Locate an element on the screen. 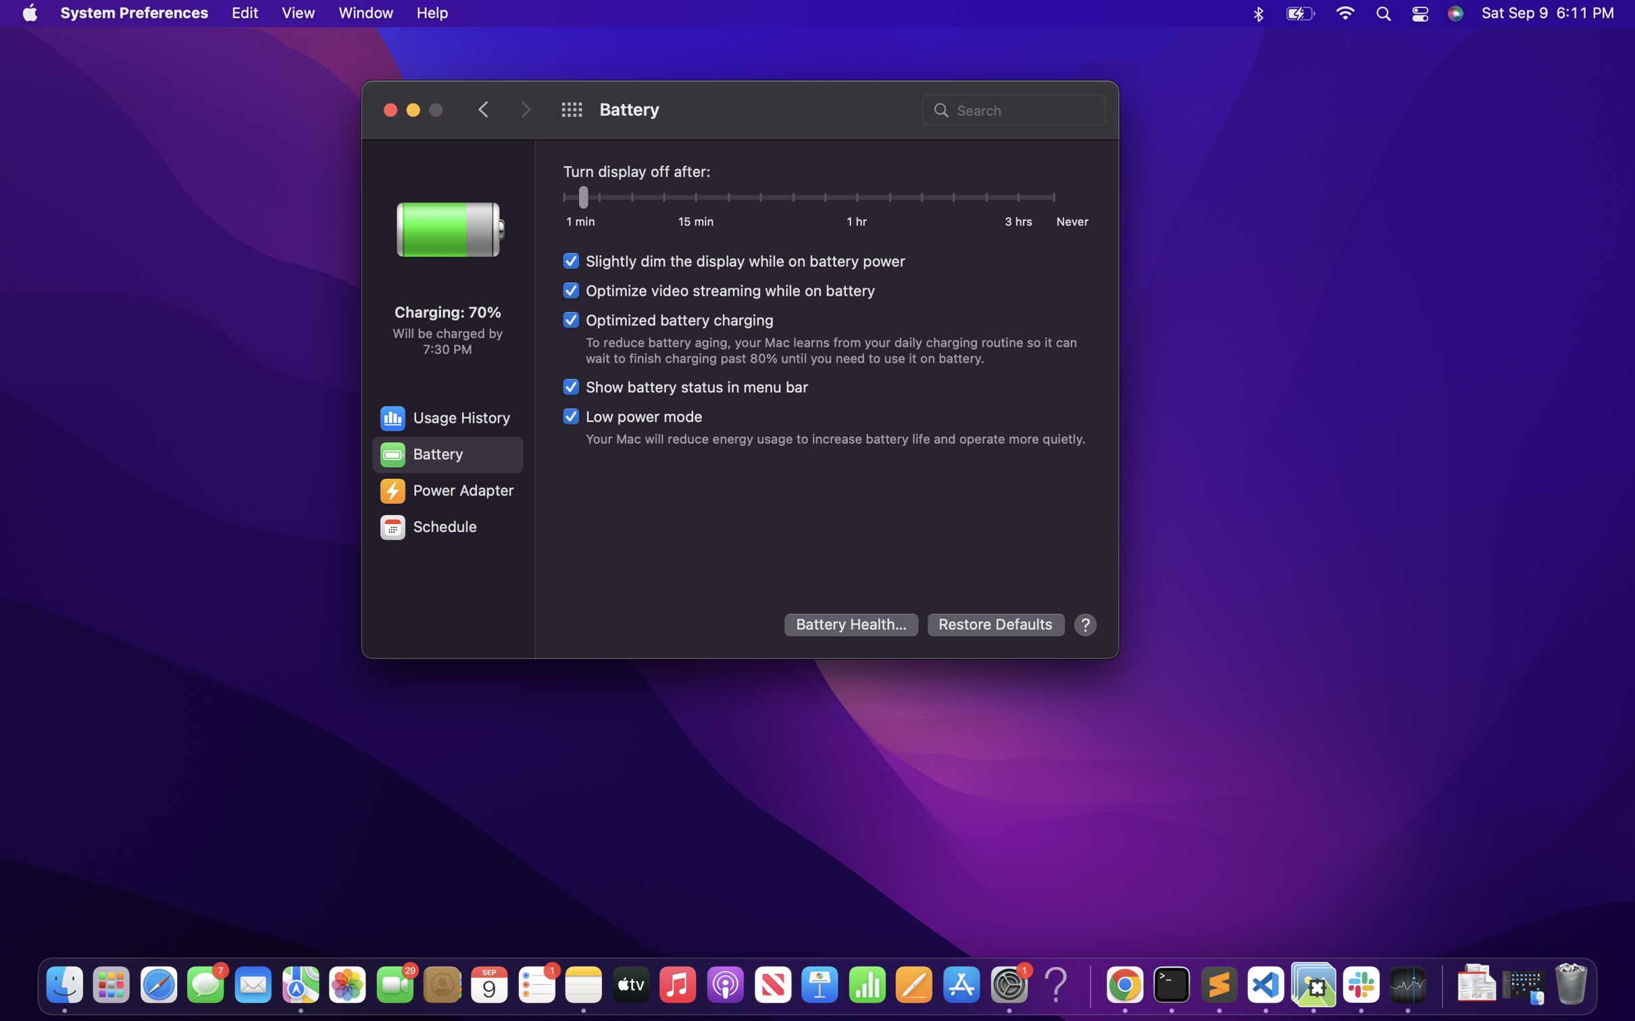  Improve video streaming performance on battery mode is located at coordinates (719, 288).